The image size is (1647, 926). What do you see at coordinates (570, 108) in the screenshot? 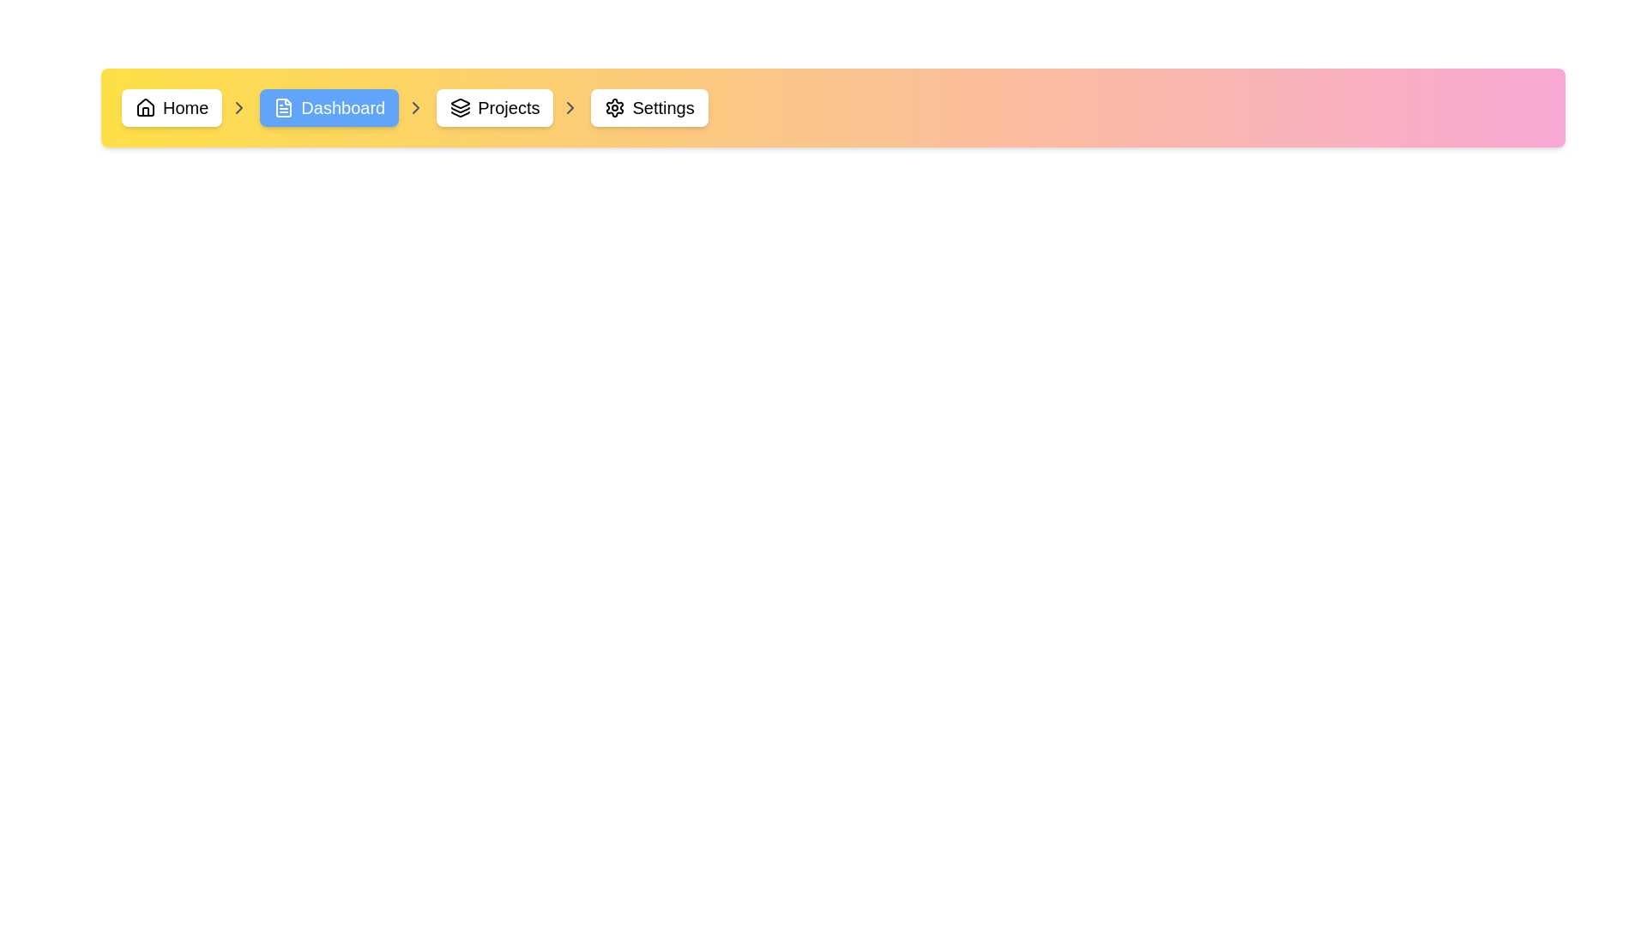
I see `the rightward-pointing chevron icon in the navigation bar` at bounding box center [570, 108].